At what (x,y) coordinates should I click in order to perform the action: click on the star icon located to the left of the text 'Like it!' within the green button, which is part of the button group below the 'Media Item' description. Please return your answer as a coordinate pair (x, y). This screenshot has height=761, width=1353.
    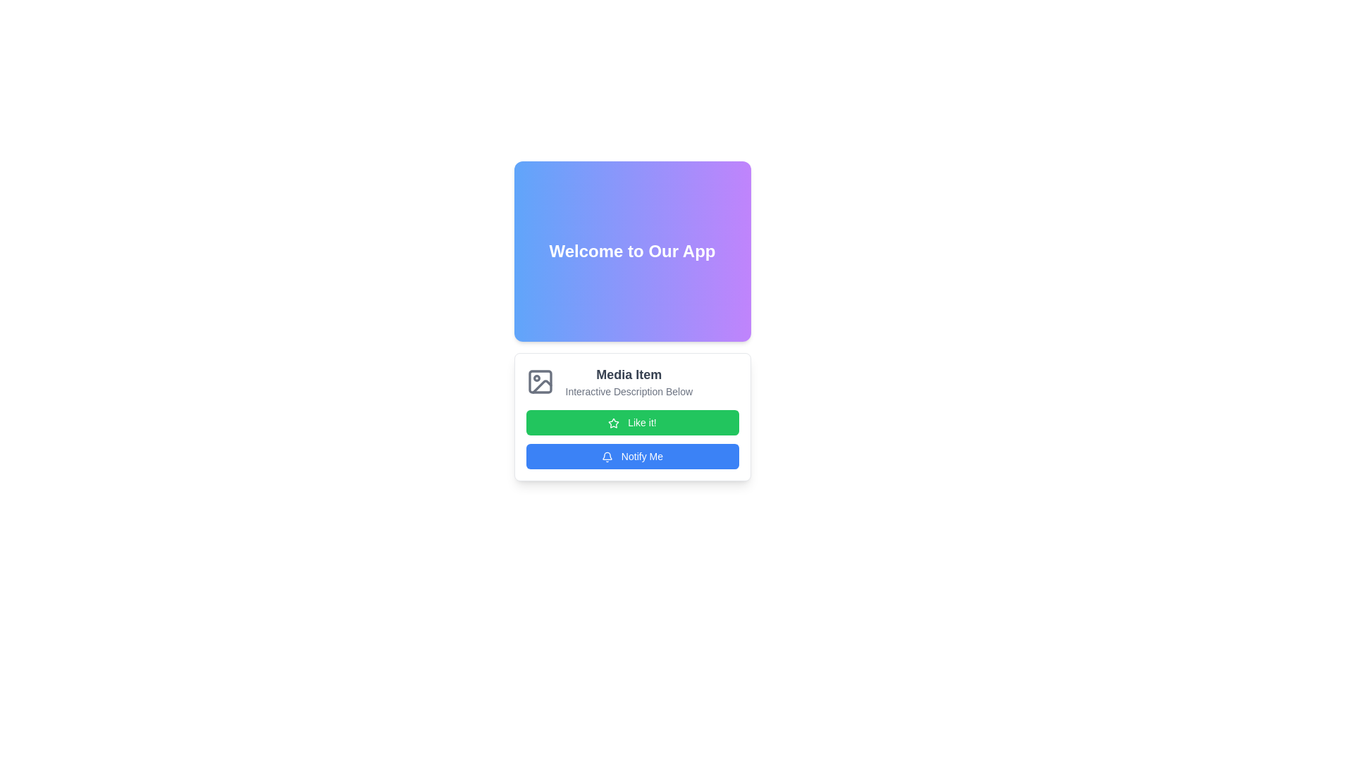
    Looking at the image, I should click on (614, 423).